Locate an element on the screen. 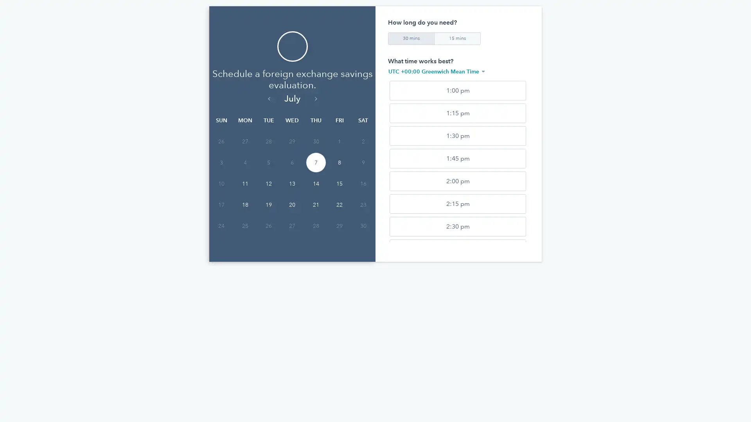 This screenshot has width=751, height=422. July 20th is located at coordinates (292, 204).